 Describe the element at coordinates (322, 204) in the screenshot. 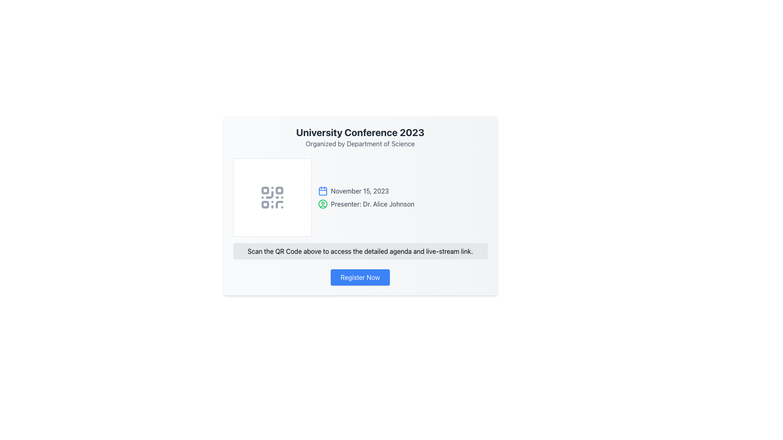

I see `the circular user icon with a green stroke located to the left of the text 'Presenter: Dr. Alice Johnson.'` at that location.